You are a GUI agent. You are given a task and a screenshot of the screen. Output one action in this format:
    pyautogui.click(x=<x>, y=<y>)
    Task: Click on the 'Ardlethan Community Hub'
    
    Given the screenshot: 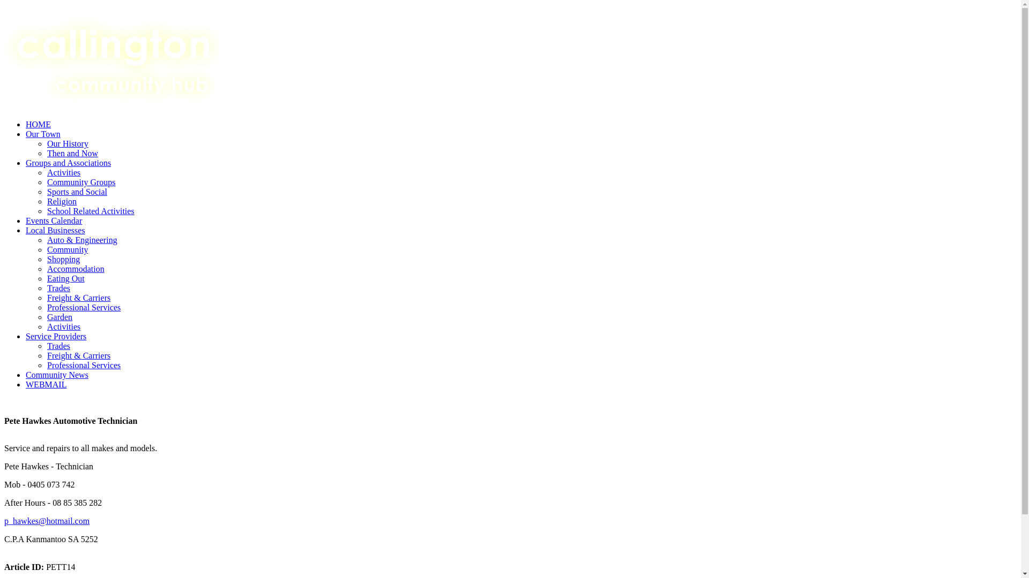 What is the action you would take?
    pyautogui.click(x=111, y=58)
    